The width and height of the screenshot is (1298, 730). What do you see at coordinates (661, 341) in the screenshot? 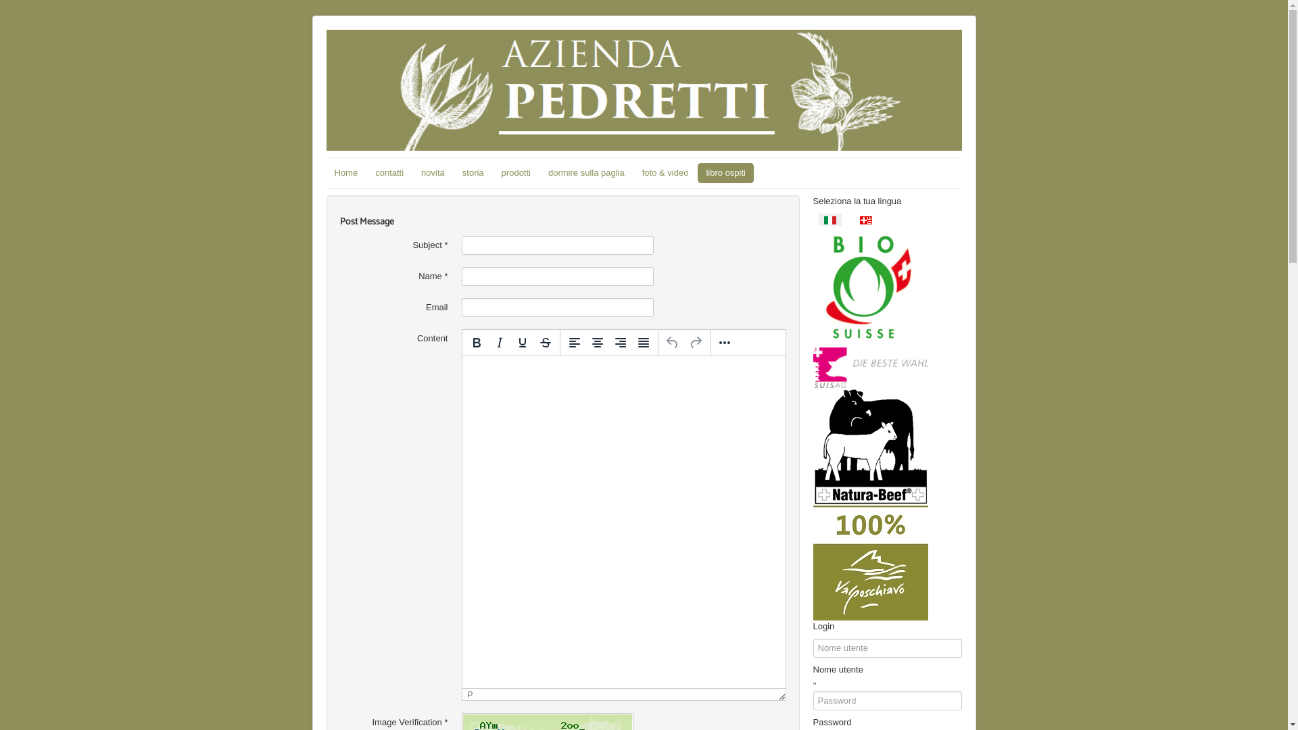
I see `'Annulla'` at bounding box center [661, 341].